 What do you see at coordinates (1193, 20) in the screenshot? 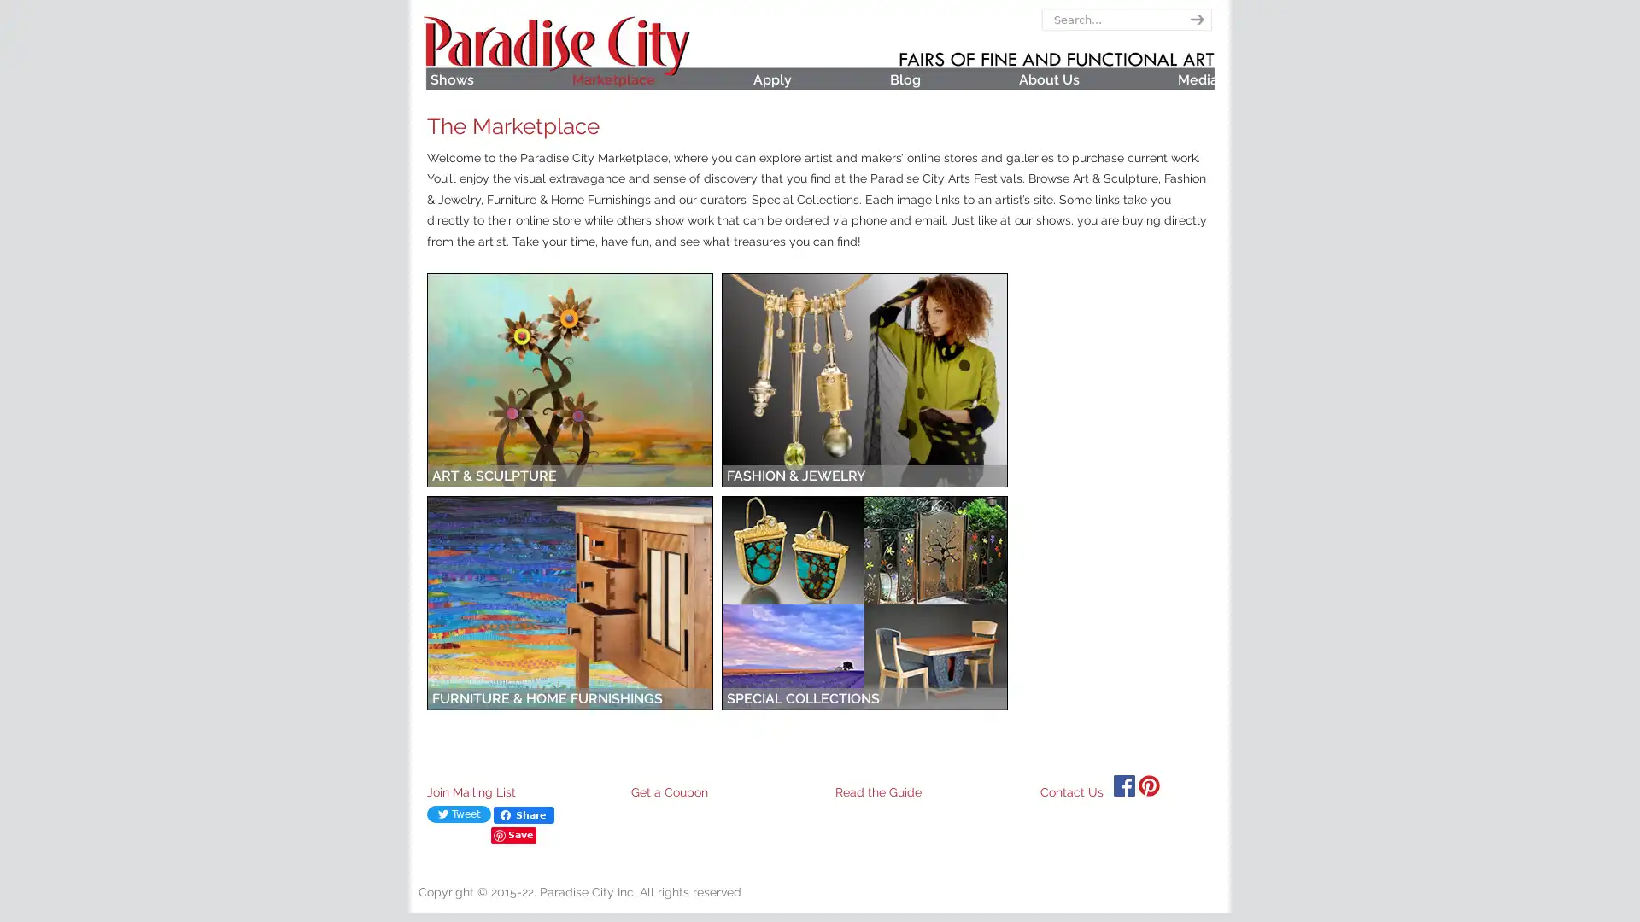
I see `search` at bounding box center [1193, 20].